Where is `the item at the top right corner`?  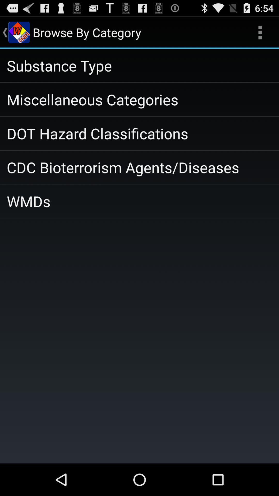
the item at the top right corner is located at coordinates (260, 32).